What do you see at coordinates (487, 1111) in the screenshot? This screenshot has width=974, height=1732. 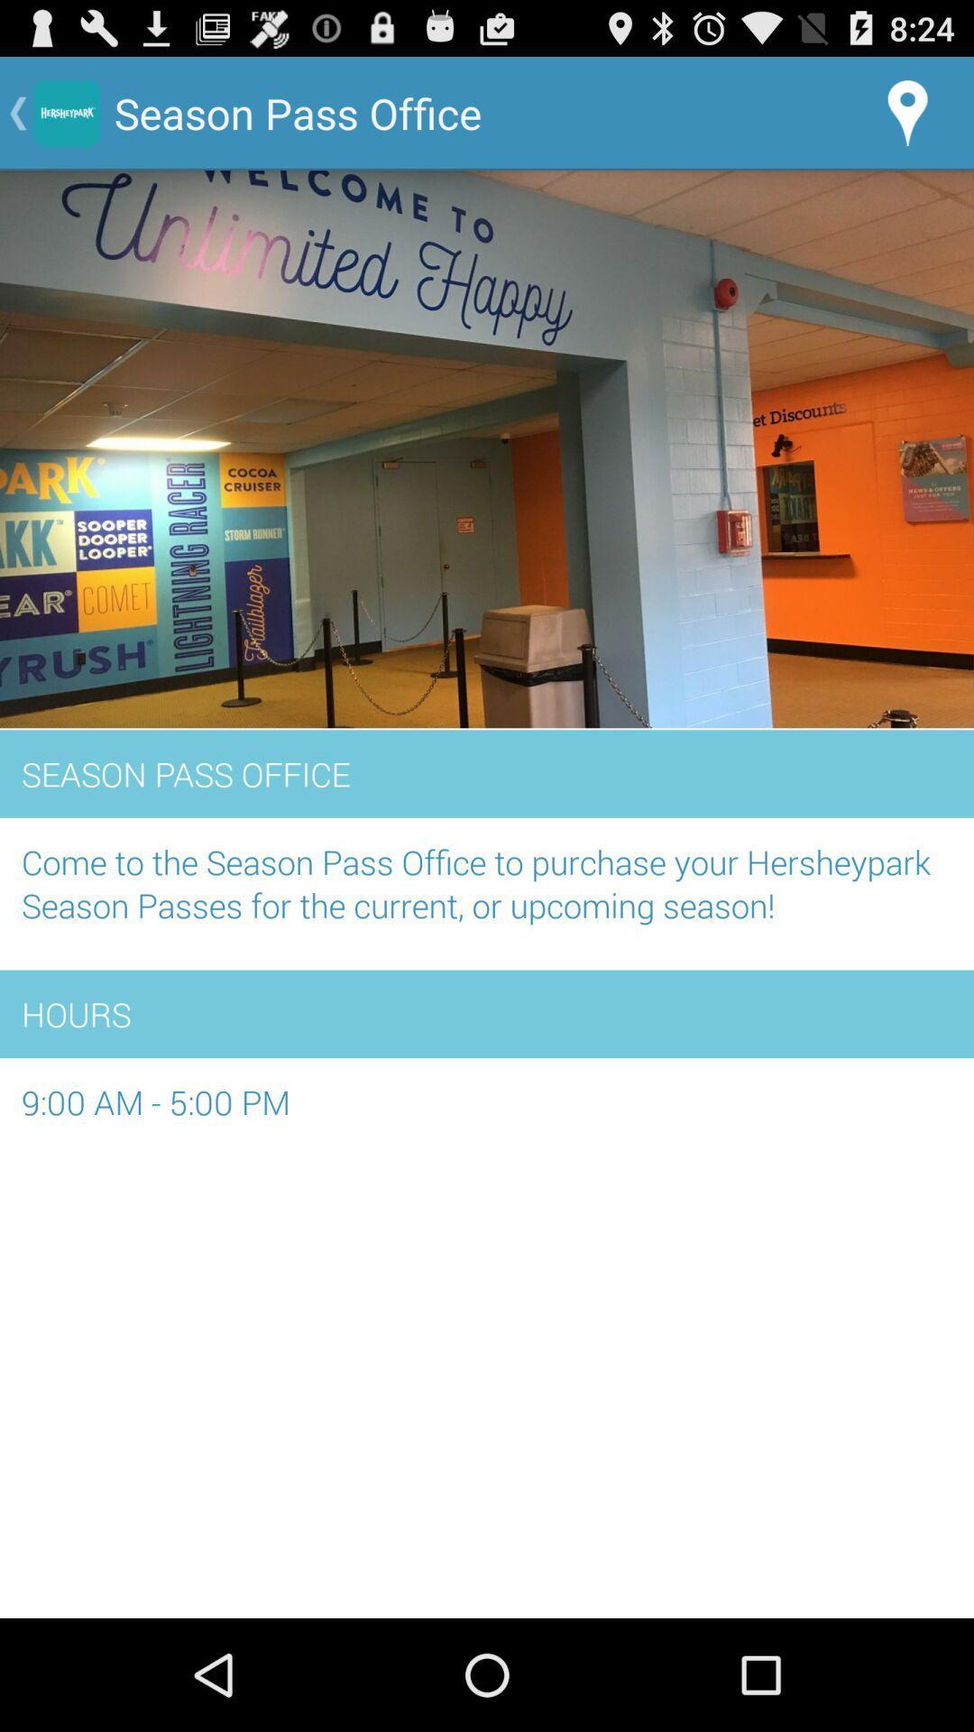 I see `the item below the hours item` at bounding box center [487, 1111].